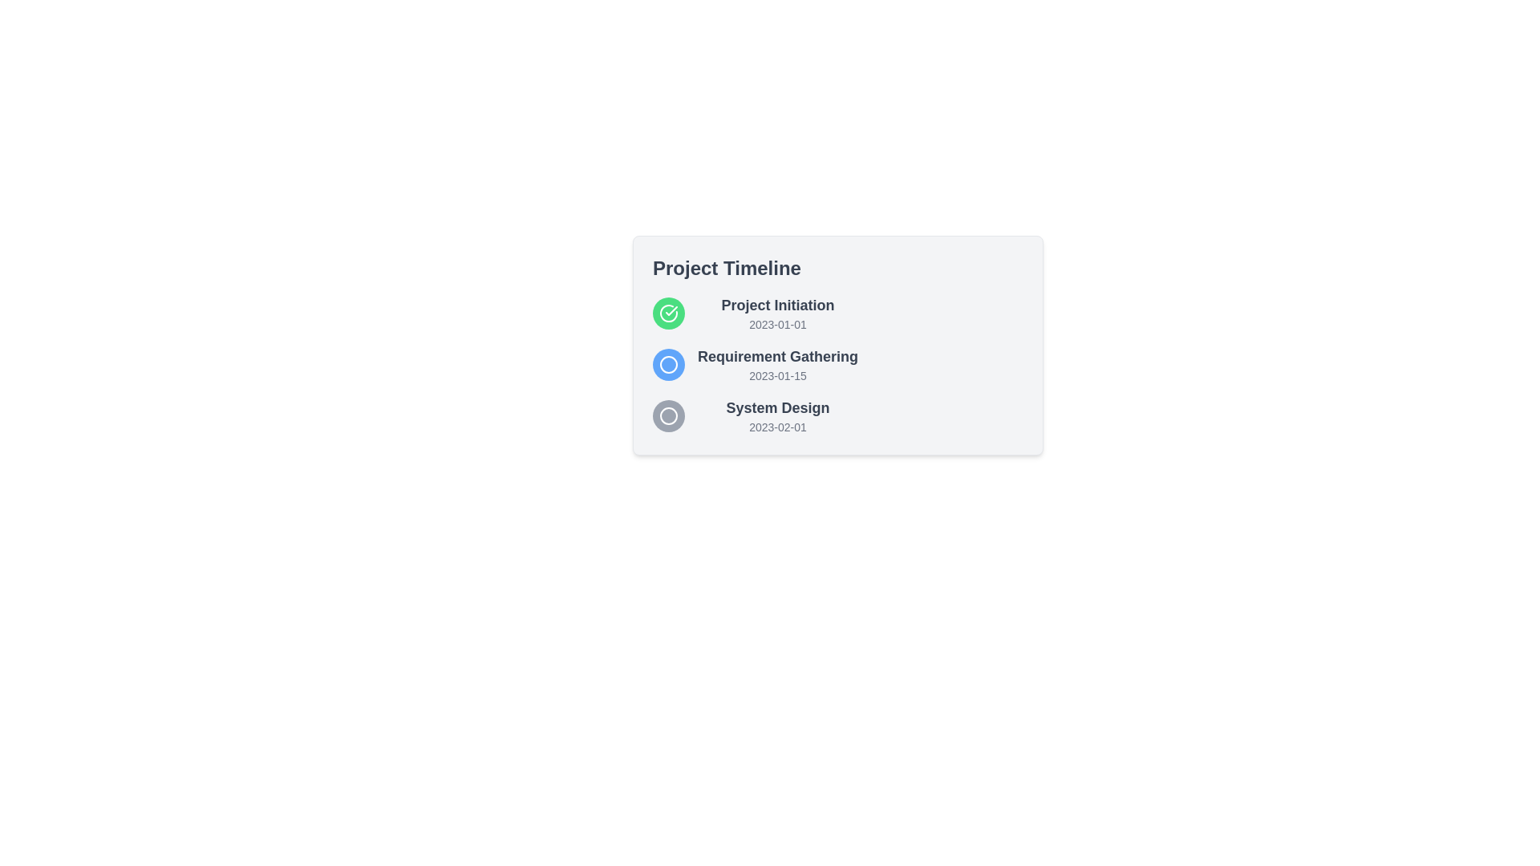 The height and width of the screenshot is (866, 1540). Describe the element at coordinates (777, 426) in the screenshot. I see `the Text Label indicating the date for the 'System Design' milestone in the project timeline, which is positioned directly below the 'System Design' text and is the third date listed` at that location.